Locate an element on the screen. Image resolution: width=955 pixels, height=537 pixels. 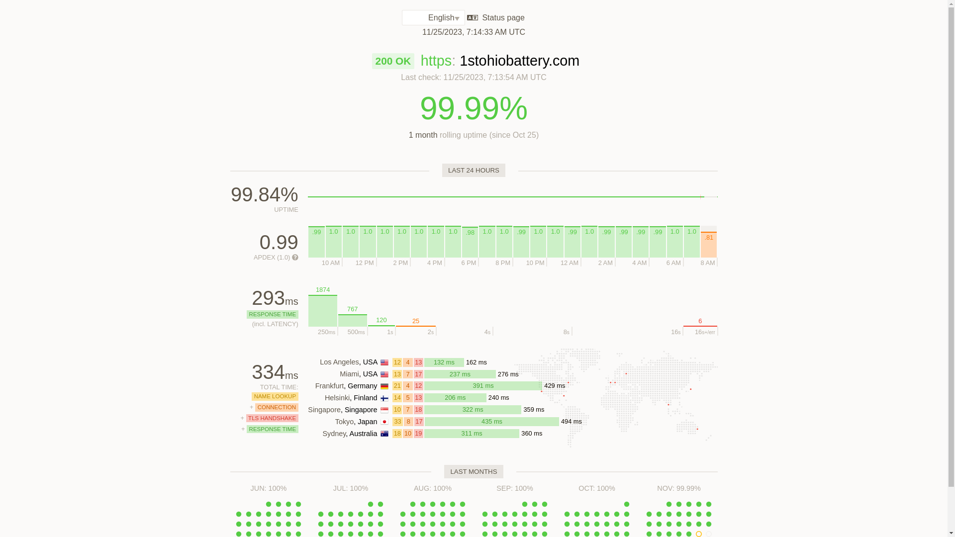
'<small>Aug 18:</small> No downtime' is located at coordinates (442, 523).